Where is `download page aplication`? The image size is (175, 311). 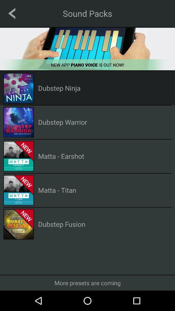 download page aplication is located at coordinates (87, 49).